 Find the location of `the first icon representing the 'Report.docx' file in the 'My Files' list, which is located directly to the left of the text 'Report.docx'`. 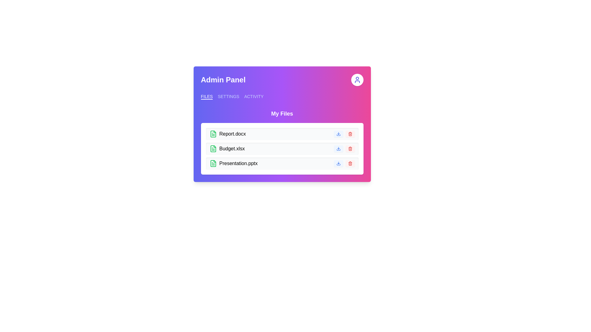

the first icon representing the 'Report.docx' file in the 'My Files' list, which is located directly to the left of the text 'Report.docx' is located at coordinates (213, 133).